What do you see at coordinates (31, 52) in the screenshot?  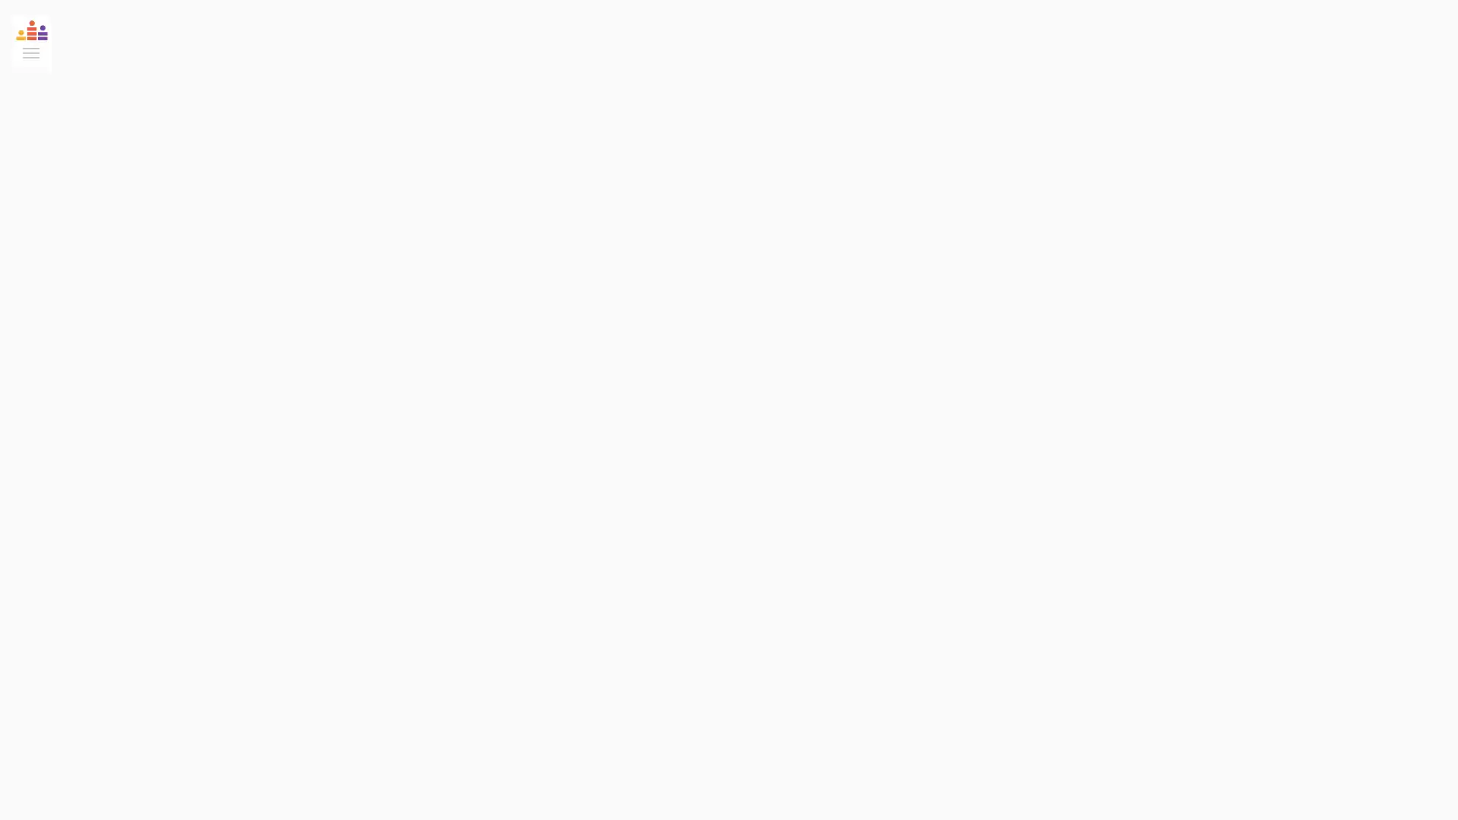 I see `Toggle Sidebar Menu` at bounding box center [31, 52].